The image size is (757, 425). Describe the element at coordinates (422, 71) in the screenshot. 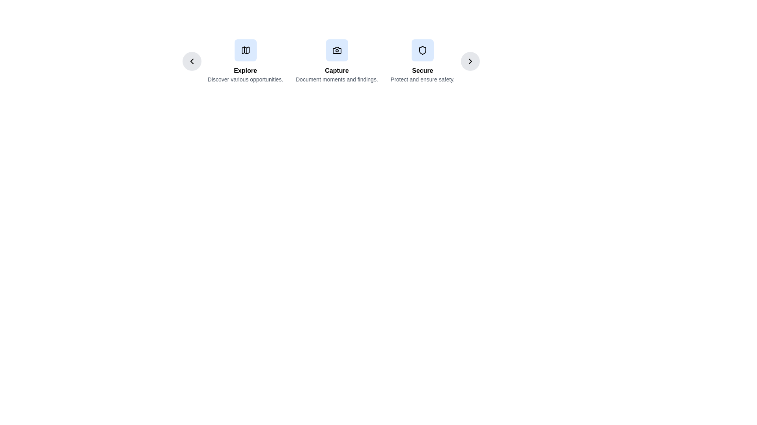

I see `text label emphasizing security located below the shield icon and above the descriptive text 'Protect and ensure safety.'` at that location.